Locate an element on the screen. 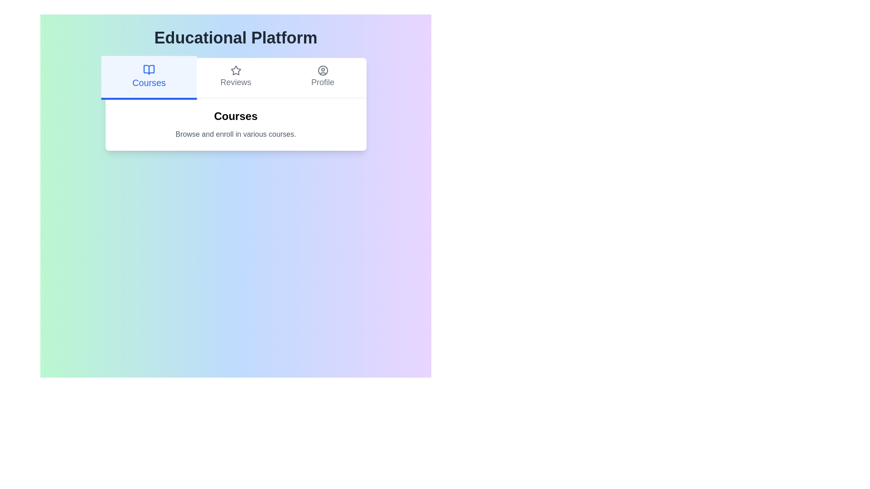 This screenshot has height=489, width=870. the Reviews tab to switch views is located at coordinates (236, 77).